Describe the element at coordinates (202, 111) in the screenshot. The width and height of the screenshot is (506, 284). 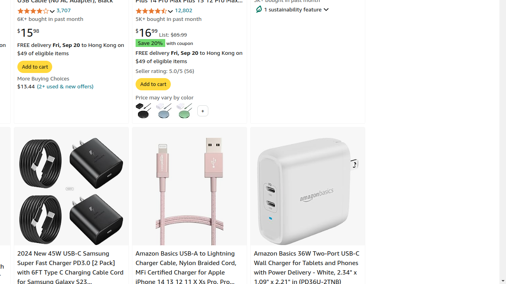
I see `'+'` at that location.